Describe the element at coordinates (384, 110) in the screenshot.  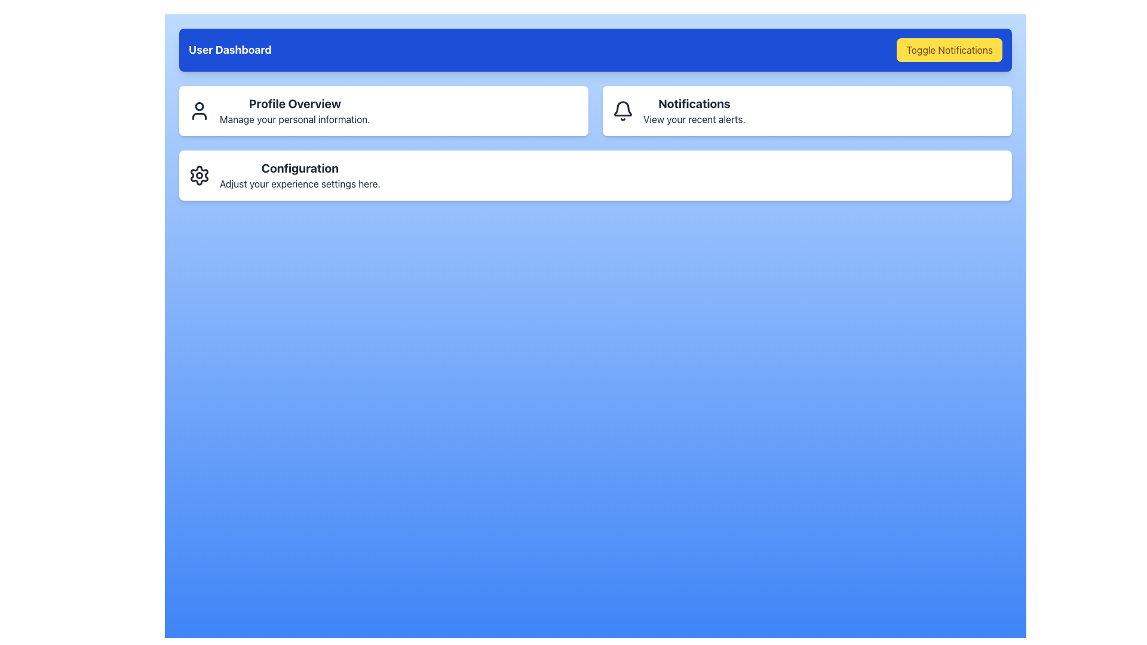
I see `the informational card that introduces the user to managing personal information, located at the top-left section of the interface` at that location.